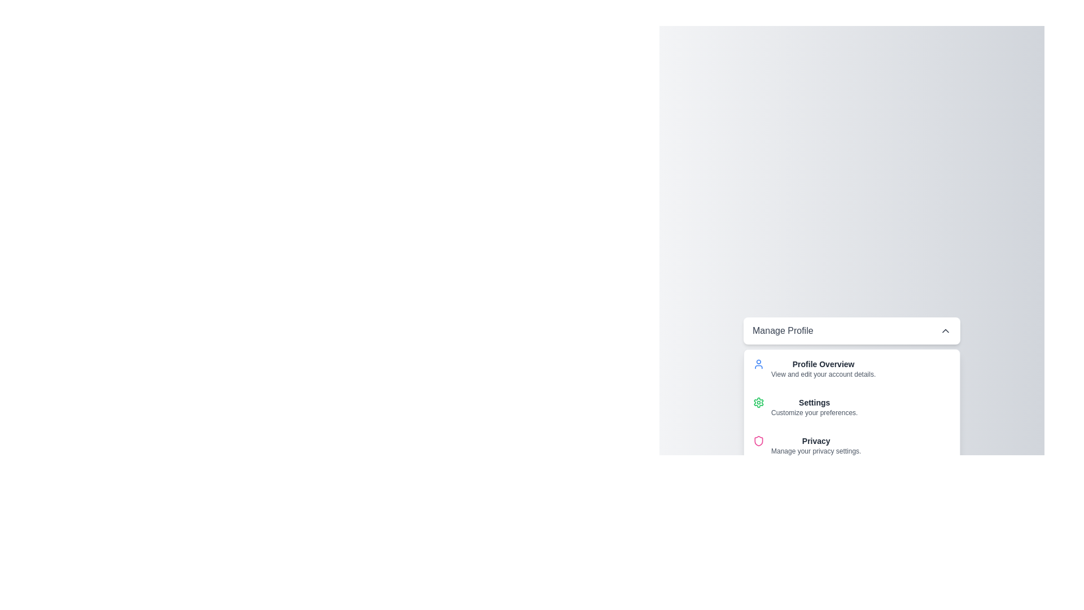 Image resolution: width=1084 pixels, height=610 pixels. What do you see at coordinates (823, 374) in the screenshot?
I see `the text component displaying 'View and edit your account details.' located just below the 'Profile Overview' title in the 'Manage Profile' dropdown panel` at bounding box center [823, 374].